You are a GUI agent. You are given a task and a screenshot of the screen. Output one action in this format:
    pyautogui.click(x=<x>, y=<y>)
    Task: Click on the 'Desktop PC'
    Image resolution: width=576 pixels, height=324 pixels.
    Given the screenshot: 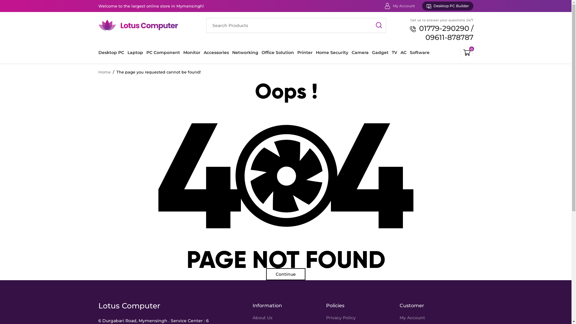 What is the action you would take?
    pyautogui.click(x=111, y=52)
    